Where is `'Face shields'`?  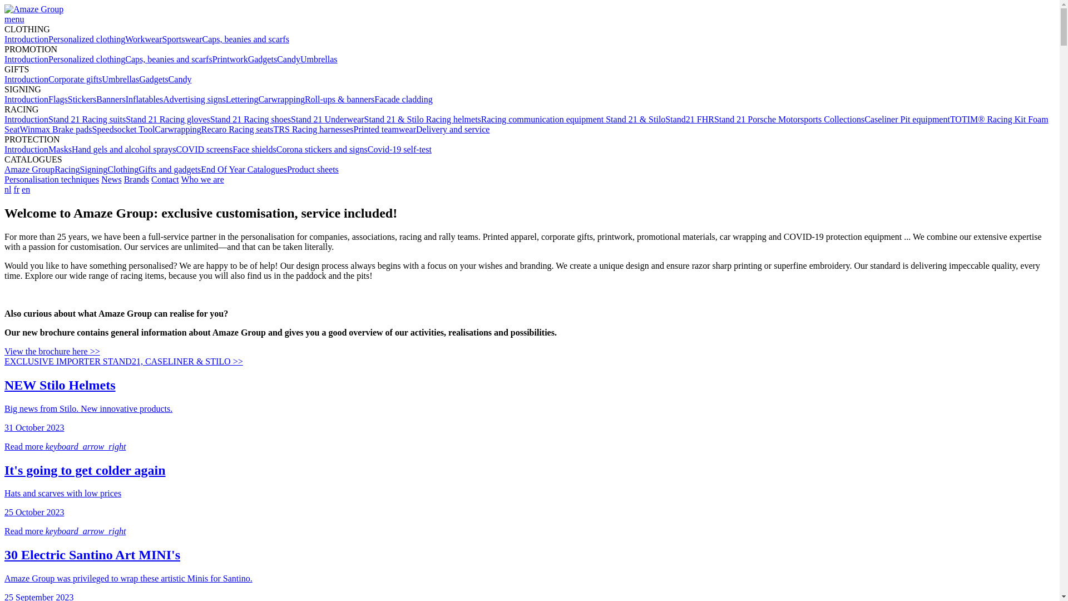 'Face shields' is located at coordinates (231, 149).